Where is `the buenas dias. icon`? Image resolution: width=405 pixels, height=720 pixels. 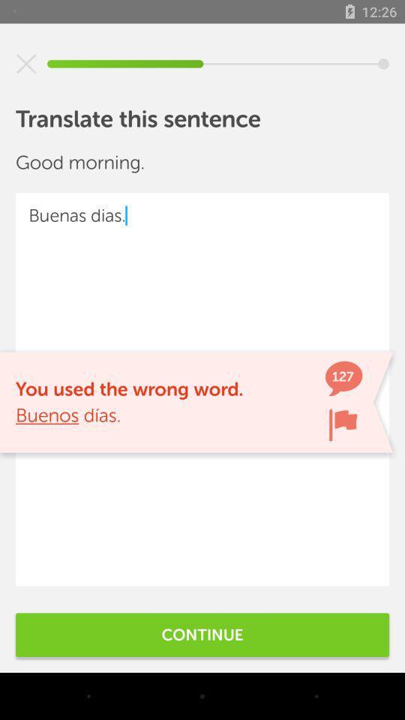
the buenas dias. icon is located at coordinates (202, 388).